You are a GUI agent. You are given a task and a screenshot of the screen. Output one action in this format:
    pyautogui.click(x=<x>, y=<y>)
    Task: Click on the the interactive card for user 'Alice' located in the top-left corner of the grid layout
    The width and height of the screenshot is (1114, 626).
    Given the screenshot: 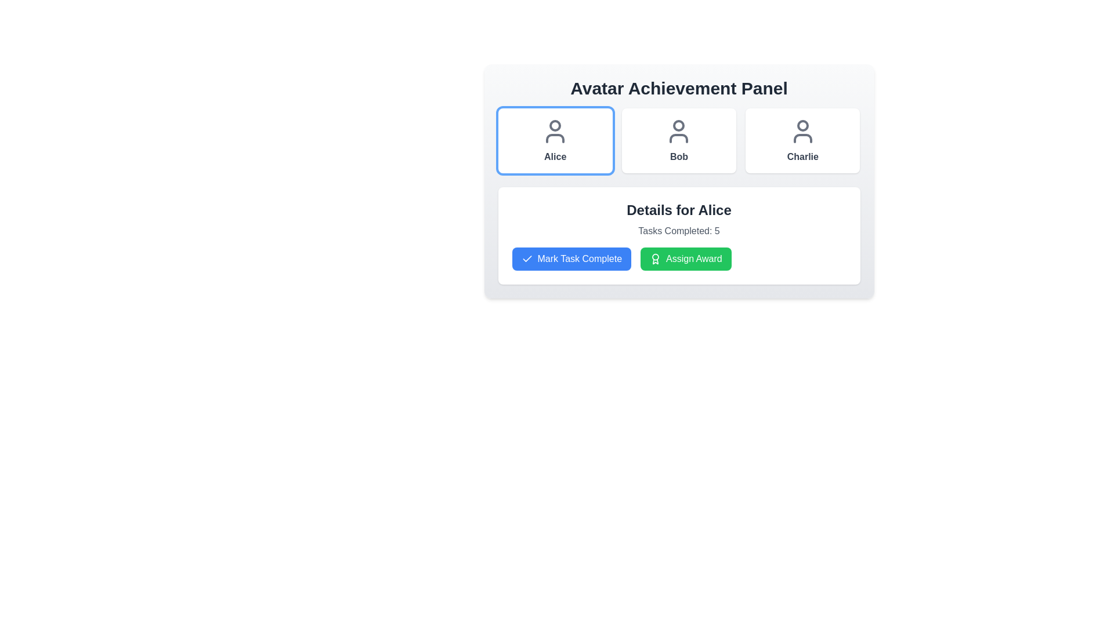 What is the action you would take?
    pyautogui.click(x=555, y=140)
    